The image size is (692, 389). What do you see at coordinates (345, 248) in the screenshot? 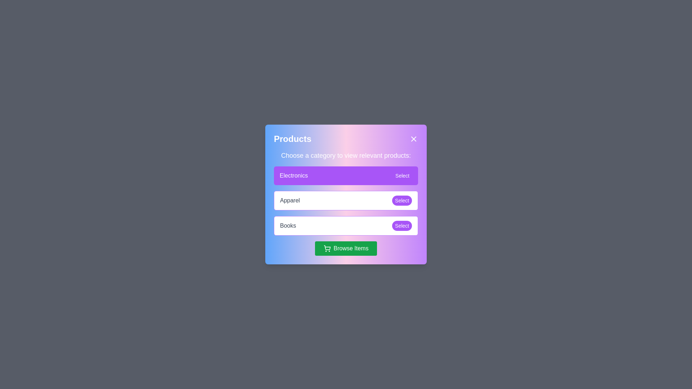
I see `'Browse Items' button to browse items in the selected category` at bounding box center [345, 248].